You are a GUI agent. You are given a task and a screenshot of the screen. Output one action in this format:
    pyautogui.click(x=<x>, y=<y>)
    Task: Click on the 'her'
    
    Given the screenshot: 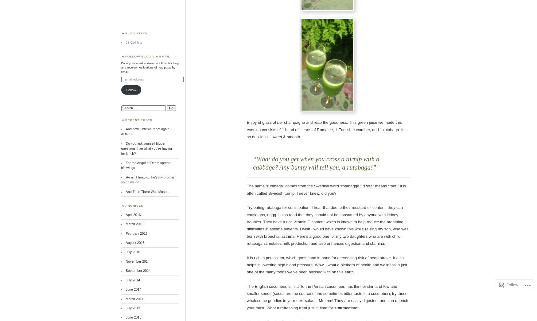 What is the action you would take?
    pyautogui.click(x=280, y=122)
    